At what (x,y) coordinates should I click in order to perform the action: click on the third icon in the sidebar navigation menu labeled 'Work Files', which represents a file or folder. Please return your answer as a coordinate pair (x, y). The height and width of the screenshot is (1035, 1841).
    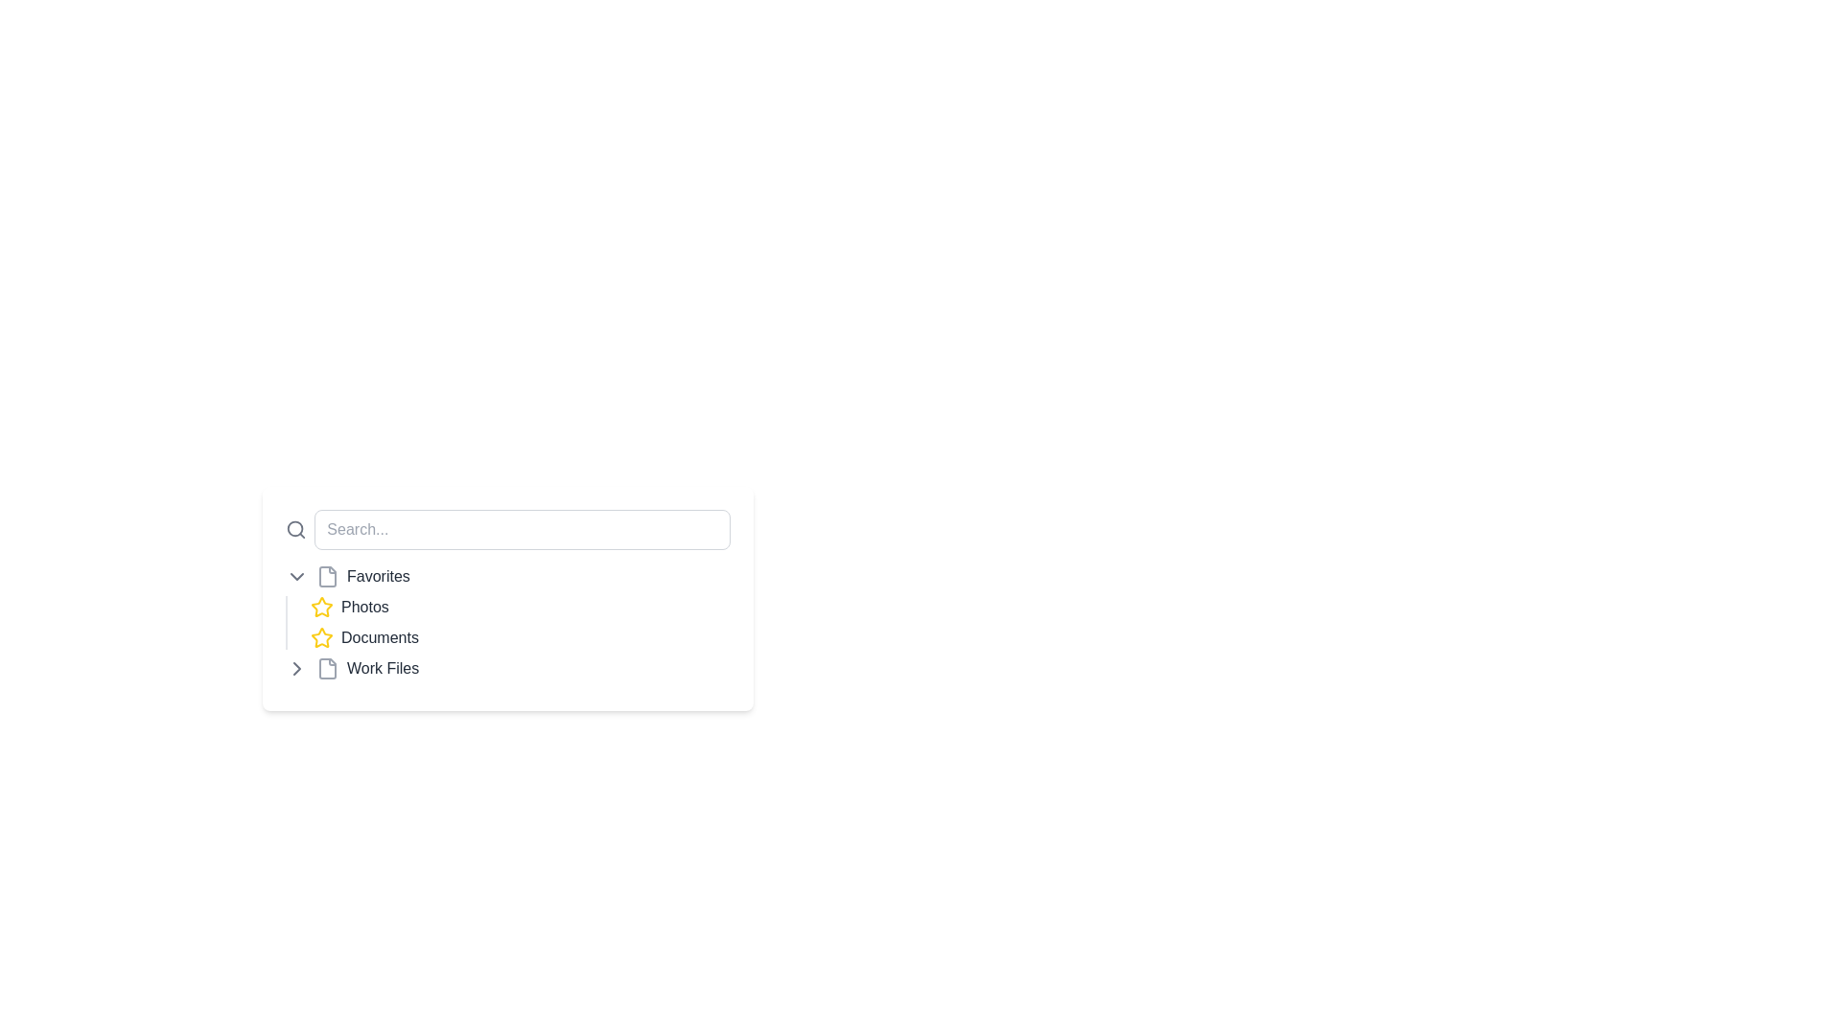
    Looking at the image, I should click on (327, 668).